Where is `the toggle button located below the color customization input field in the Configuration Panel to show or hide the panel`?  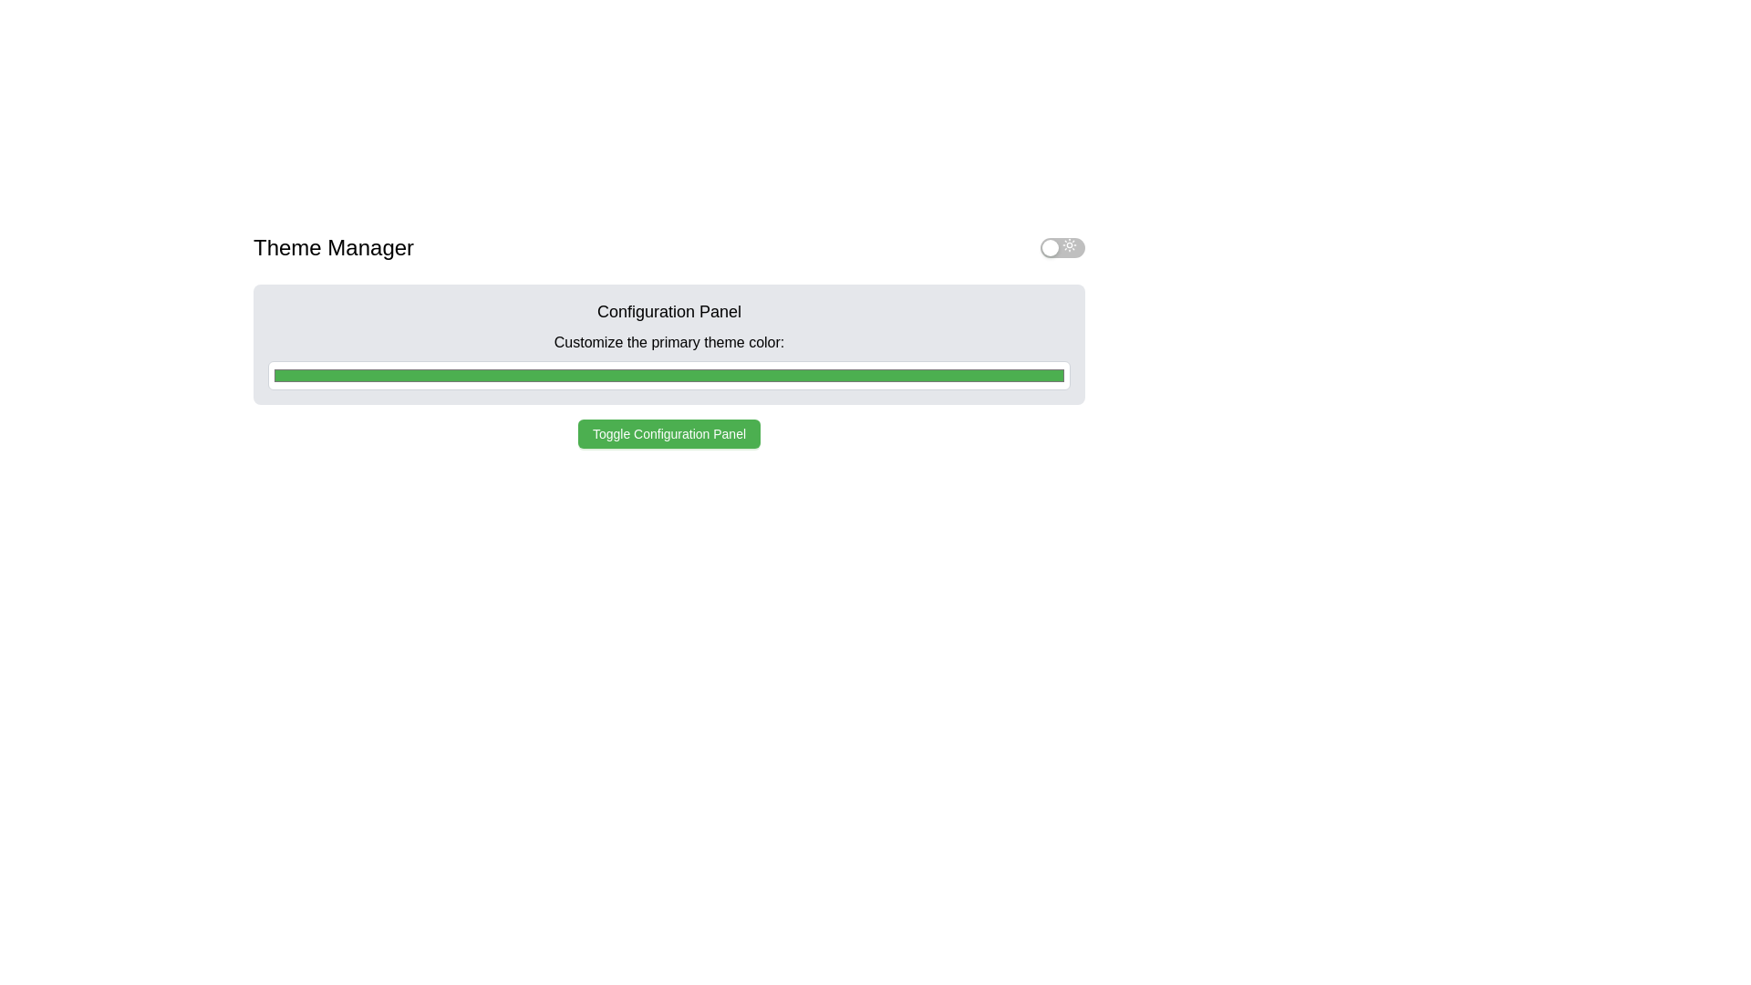 the toggle button located below the color customization input field in the Configuration Panel to show or hide the panel is located at coordinates (668, 433).